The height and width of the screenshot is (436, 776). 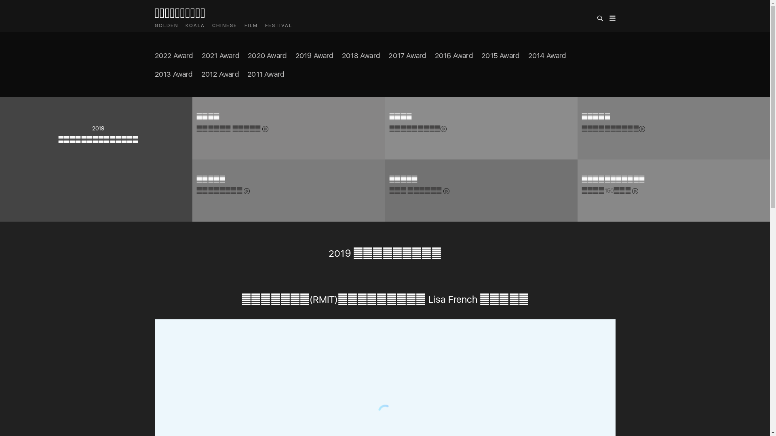 What do you see at coordinates (360, 55) in the screenshot?
I see `'2018 Award'` at bounding box center [360, 55].